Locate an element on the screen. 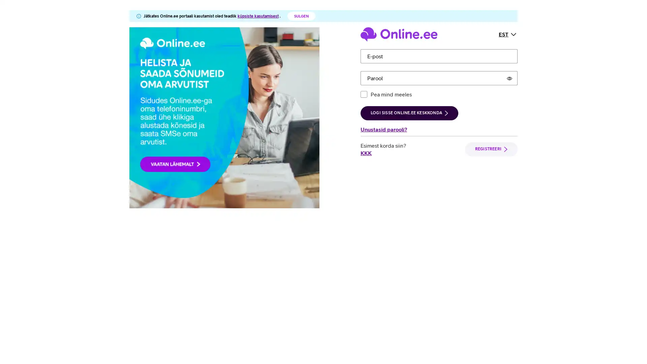 The height and width of the screenshot is (364, 647). Naitan parooli is located at coordinates (510, 78).